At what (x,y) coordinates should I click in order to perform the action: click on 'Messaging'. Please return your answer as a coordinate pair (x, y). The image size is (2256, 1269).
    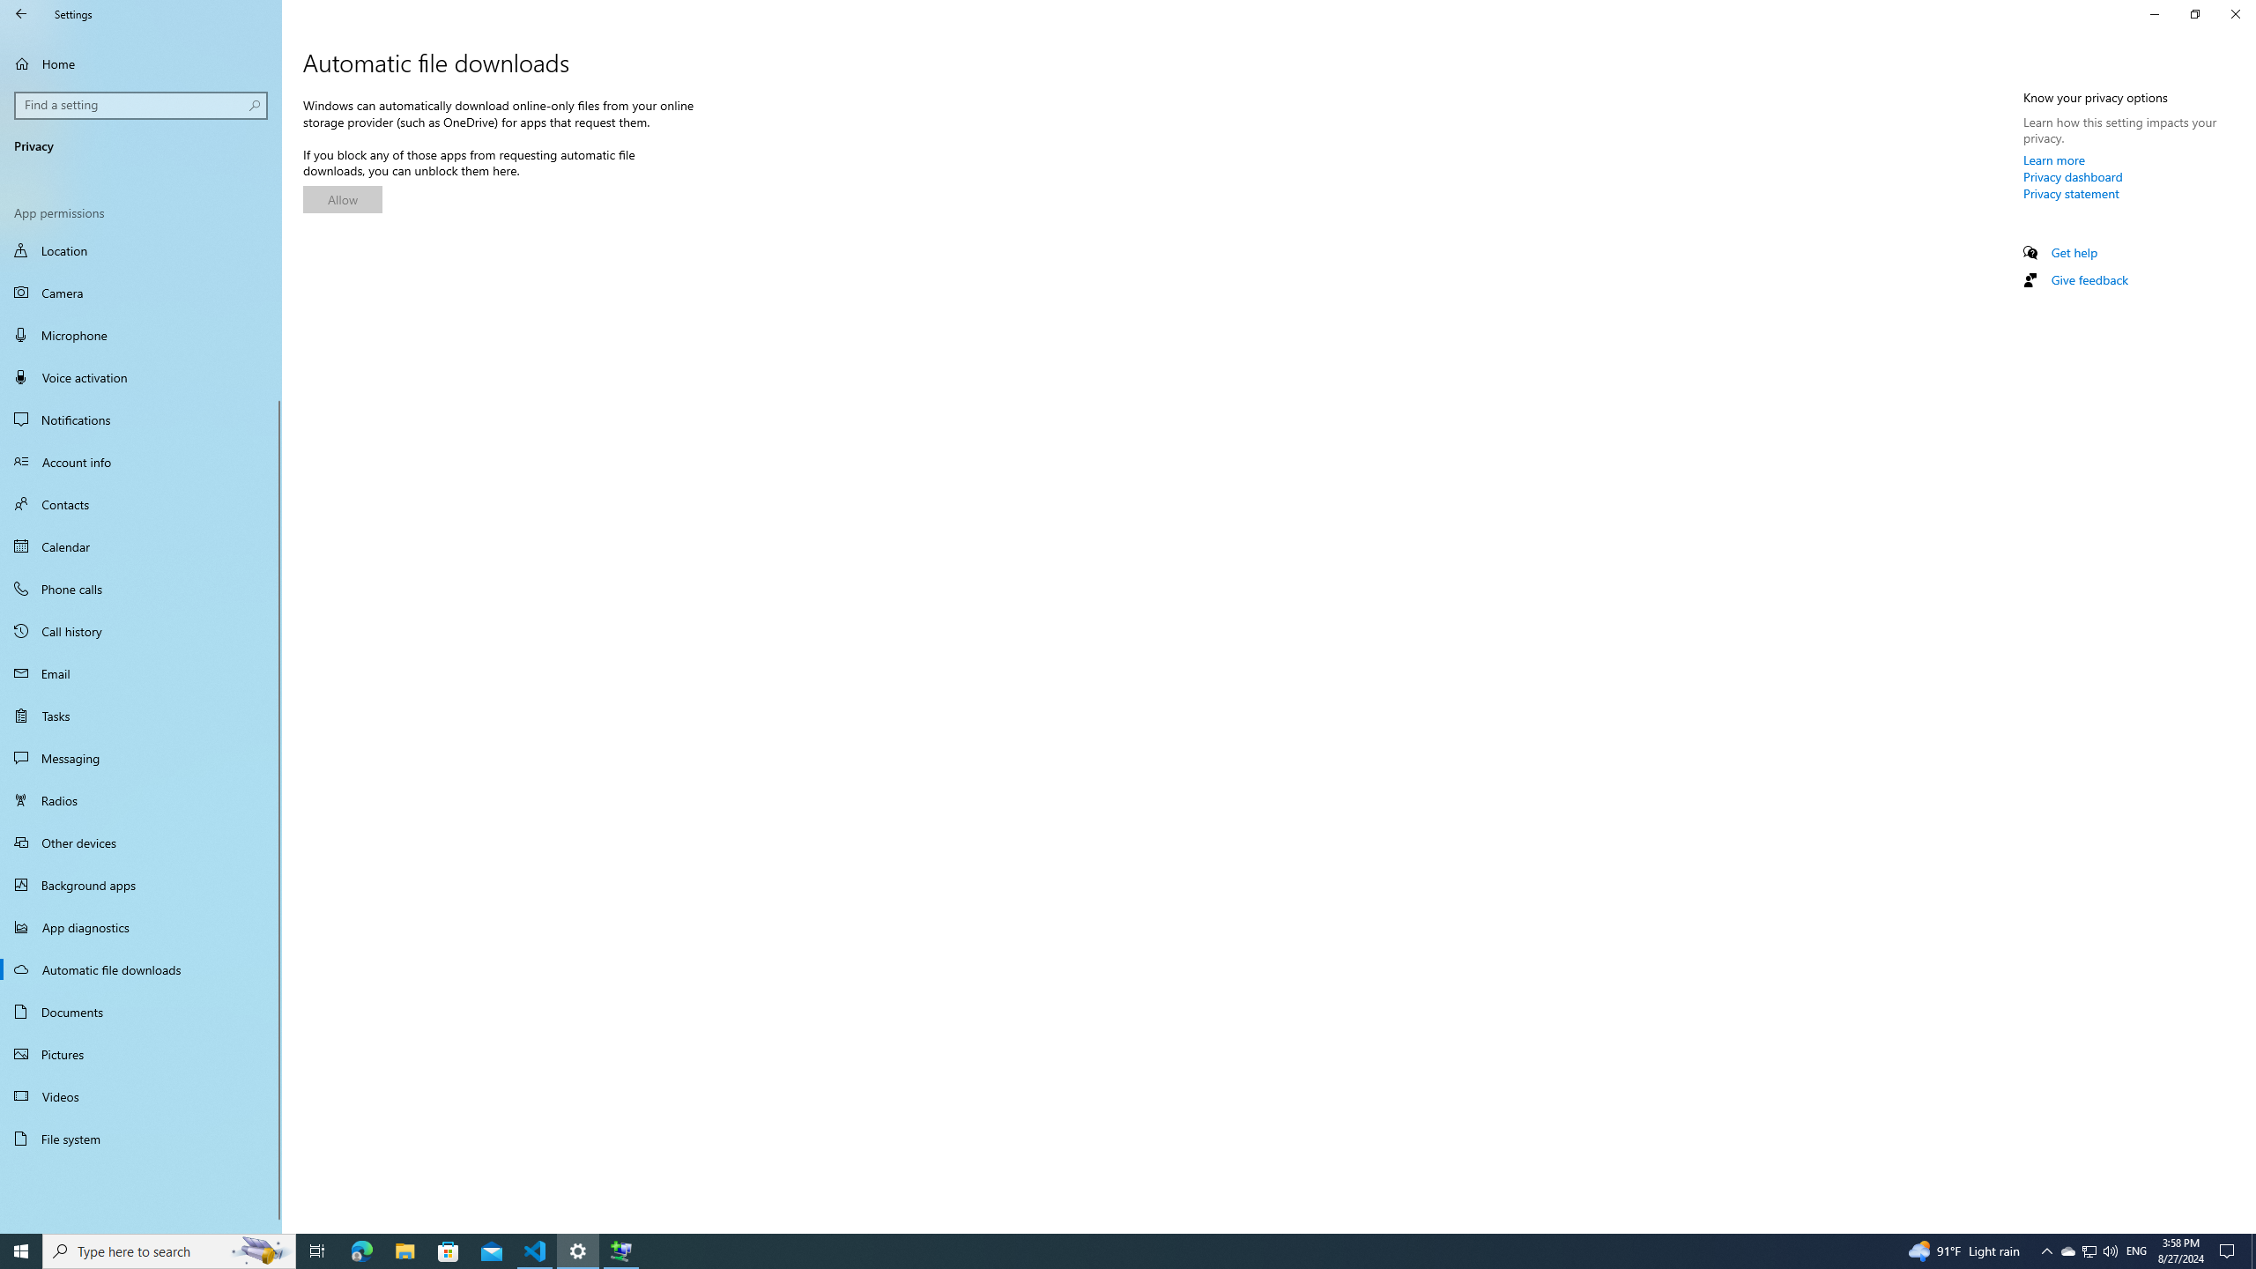
    Looking at the image, I should click on (140, 757).